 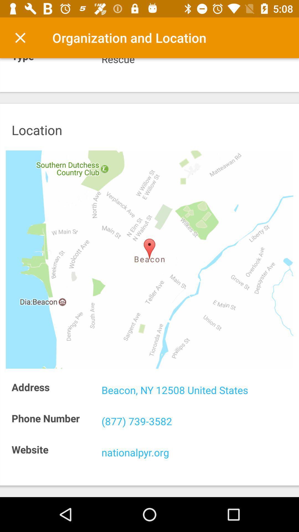 What do you see at coordinates (197, 62) in the screenshot?
I see `rescue item` at bounding box center [197, 62].